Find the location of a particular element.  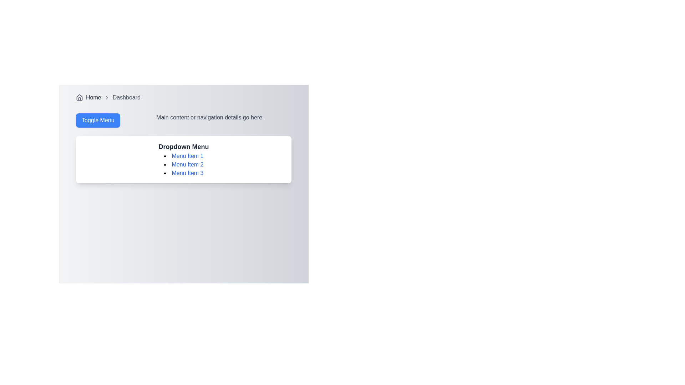

the text label styled as a hyperlink displaying 'Menu Item 2' to underline it is located at coordinates (188, 164).